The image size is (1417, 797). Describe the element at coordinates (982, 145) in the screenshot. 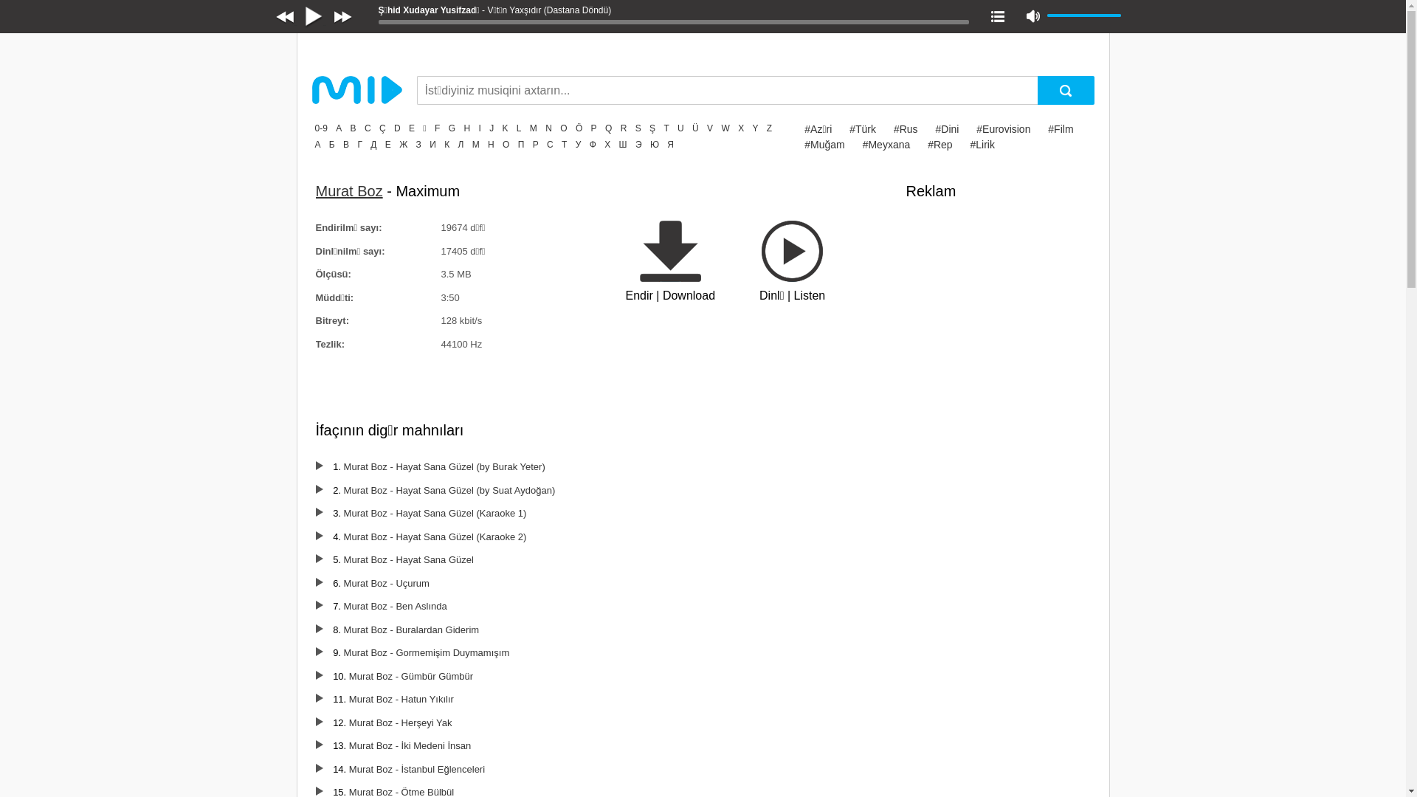

I see `'#Lirik'` at that location.